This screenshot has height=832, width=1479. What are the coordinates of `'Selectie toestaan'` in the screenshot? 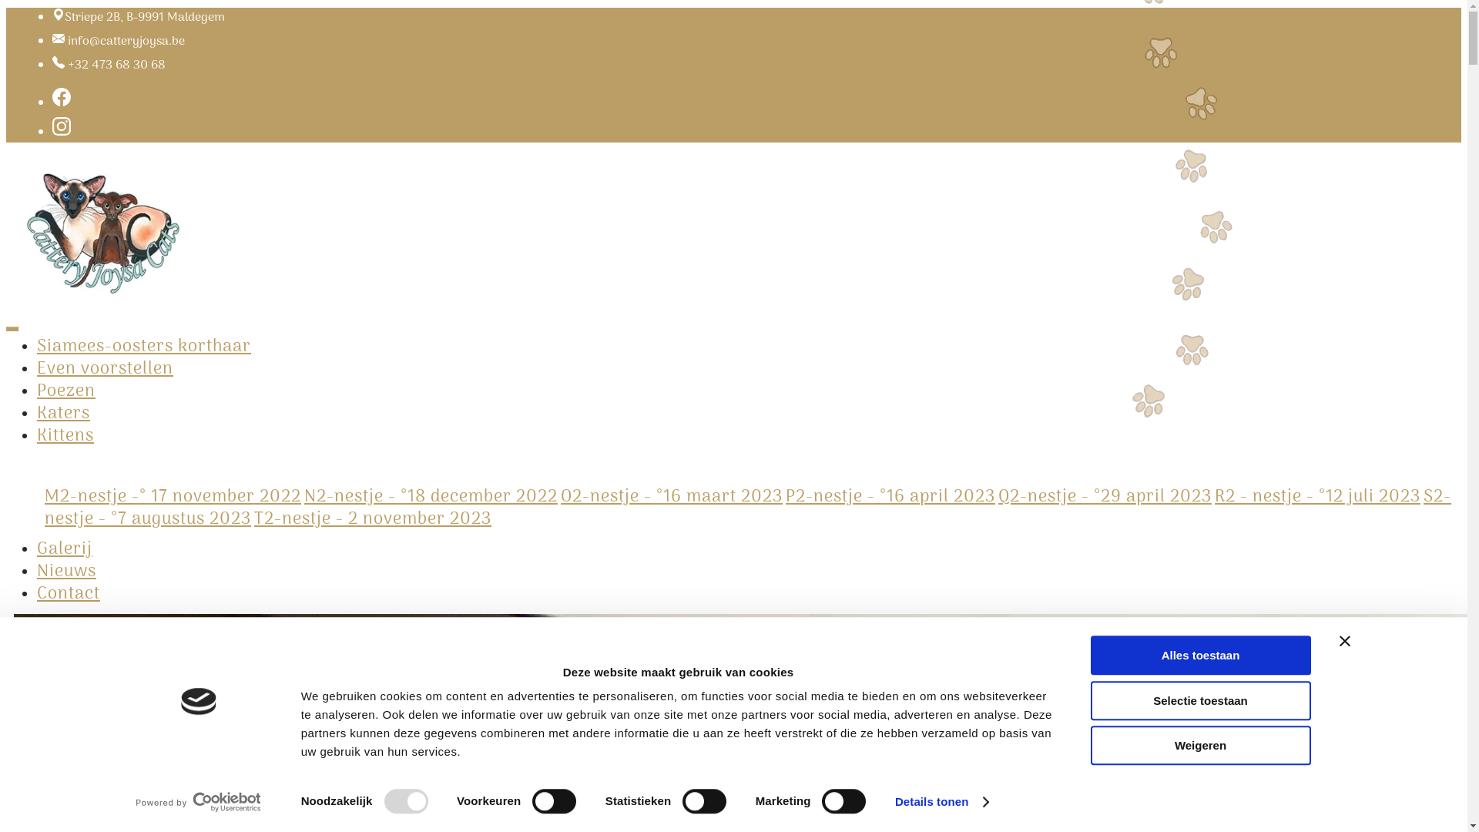 It's located at (1200, 700).